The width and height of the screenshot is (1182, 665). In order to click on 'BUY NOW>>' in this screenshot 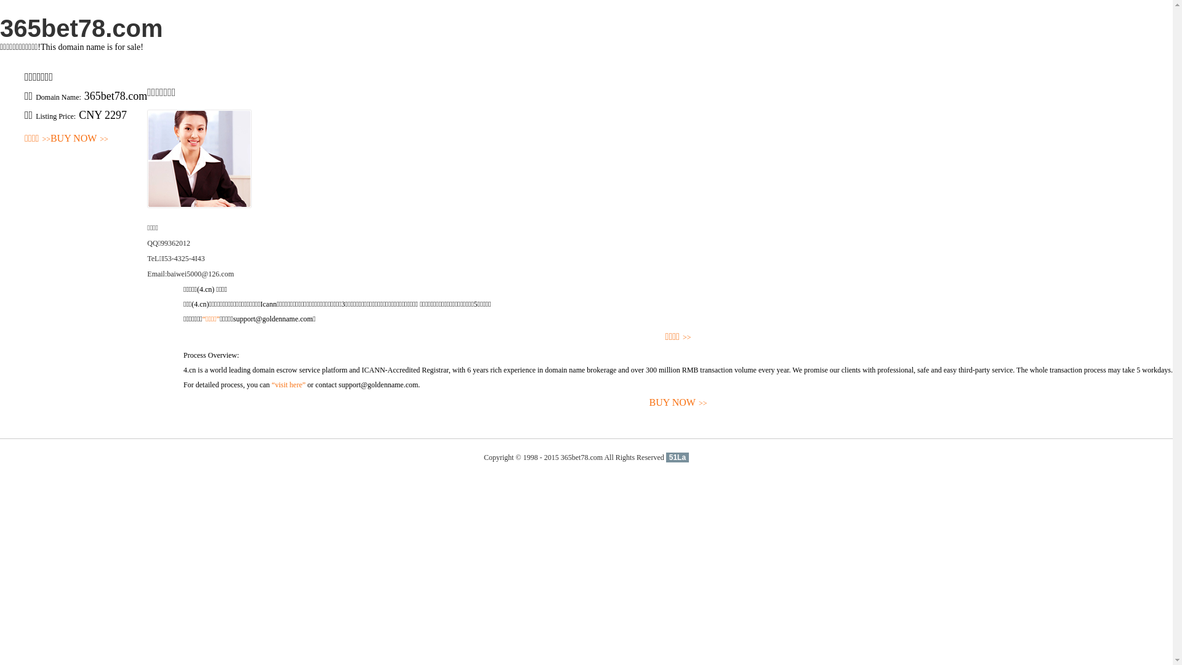, I will do `click(79, 139)`.